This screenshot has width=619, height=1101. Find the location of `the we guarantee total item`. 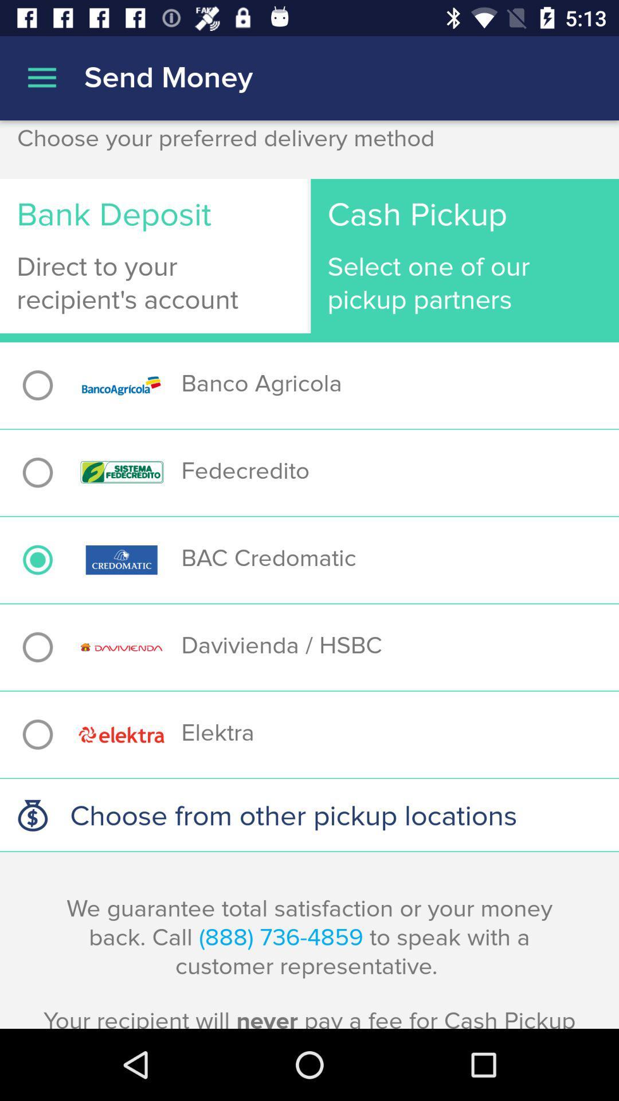

the we guarantee total item is located at coordinates (309, 962).